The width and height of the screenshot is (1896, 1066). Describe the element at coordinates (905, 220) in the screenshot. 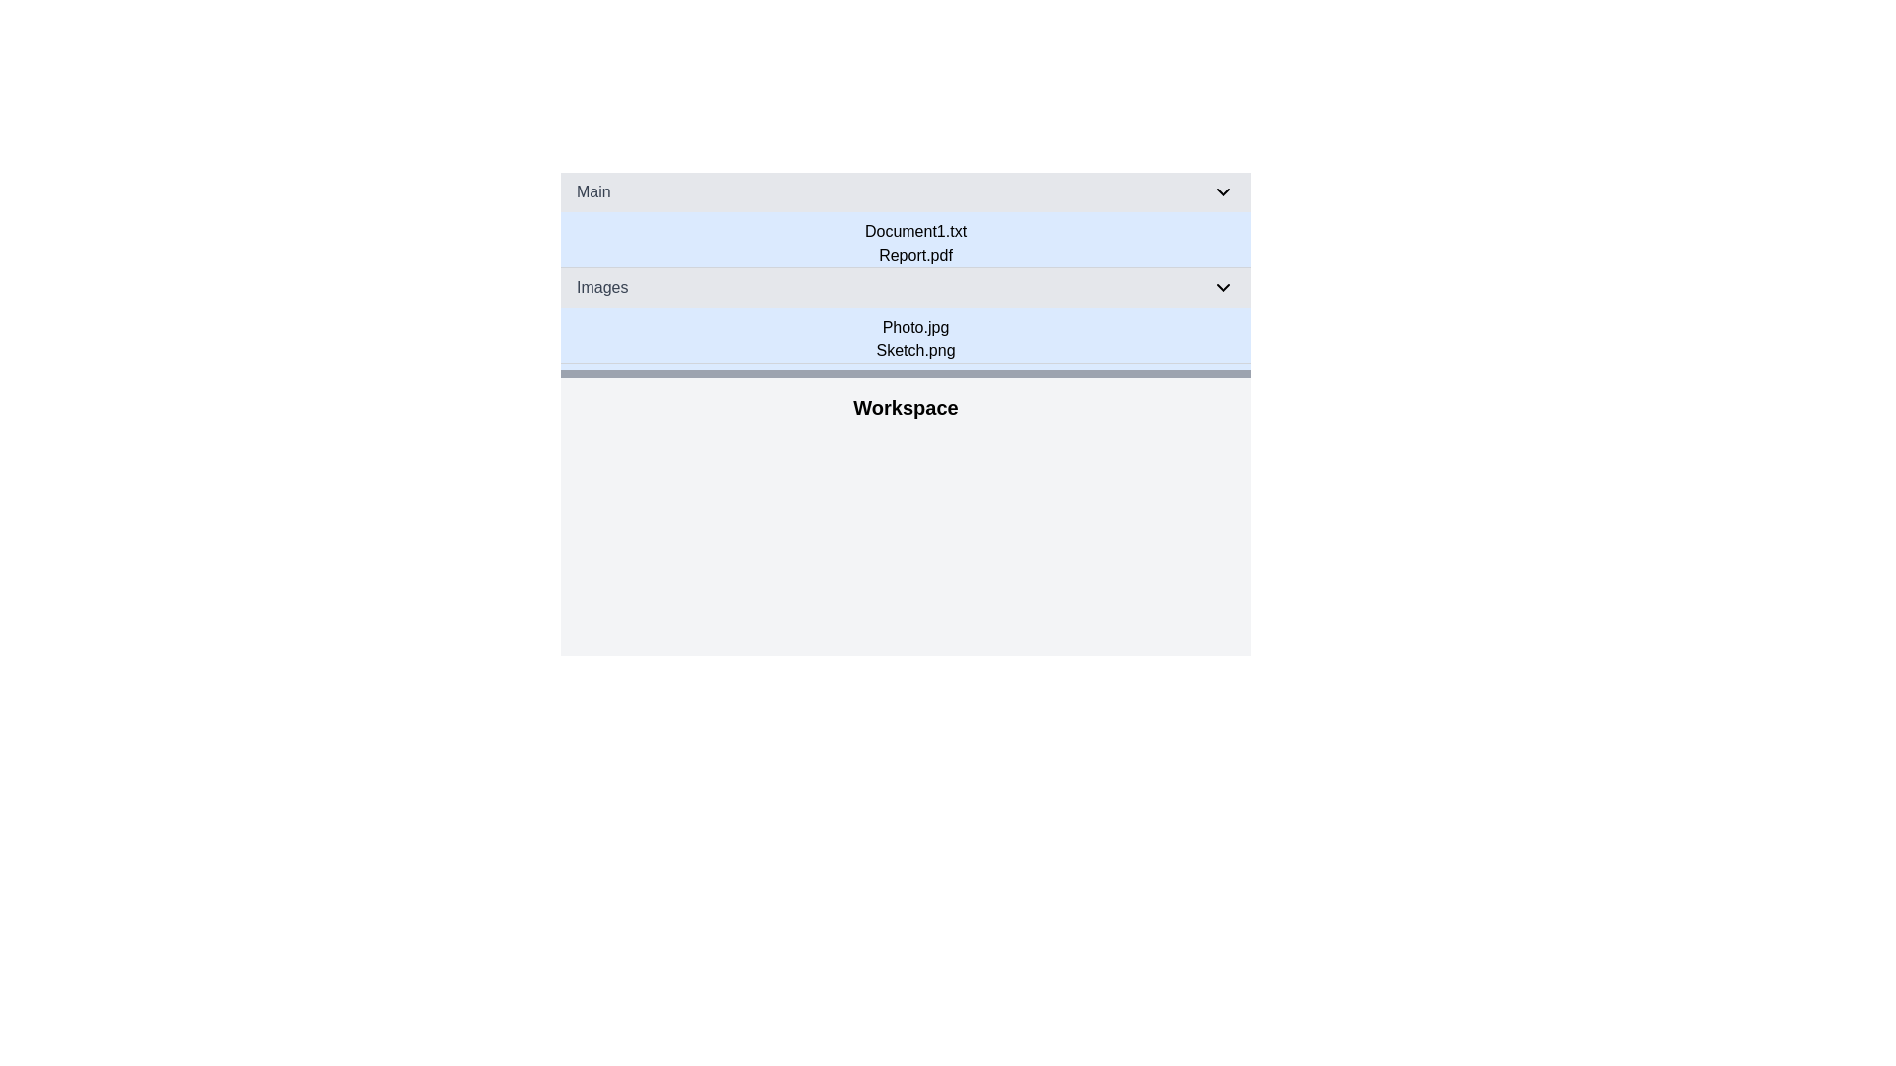

I see `the first text list item under the 'Main' section, which contains 'Document1.txt' and 'Report.pdf', to show the context menu` at that location.